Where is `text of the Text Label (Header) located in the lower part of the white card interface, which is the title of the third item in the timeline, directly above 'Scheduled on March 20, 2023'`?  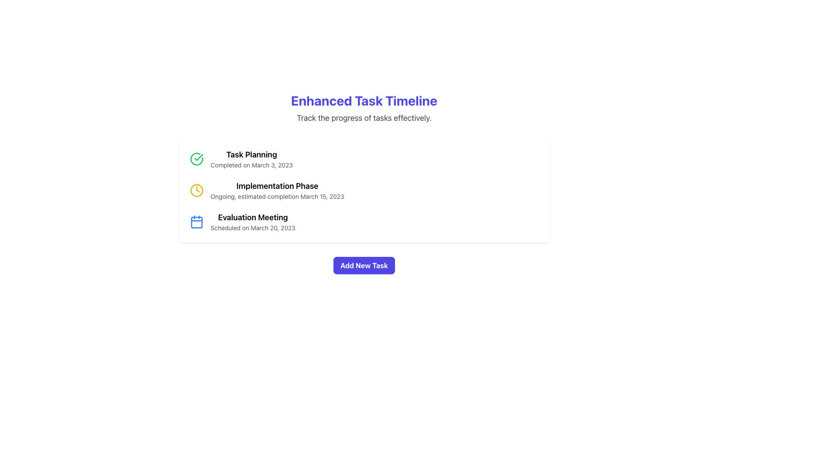 text of the Text Label (Header) located in the lower part of the white card interface, which is the title of the third item in the timeline, directly above 'Scheduled on March 20, 2023' is located at coordinates (252, 217).